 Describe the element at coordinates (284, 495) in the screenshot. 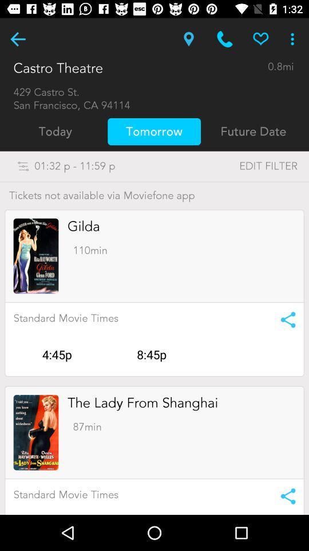

I see `share the movie` at that location.